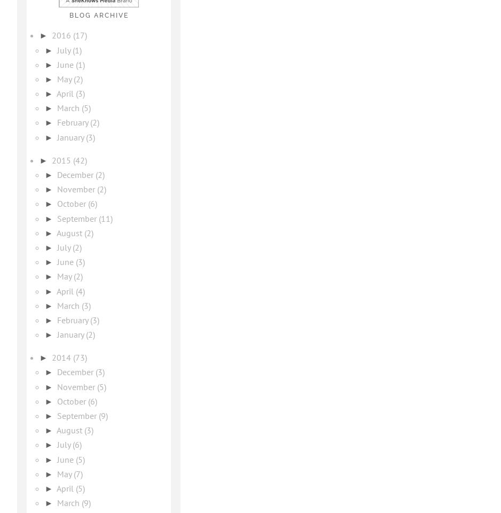 Image resolution: width=501 pixels, height=513 pixels. What do you see at coordinates (51, 35) in the screenshot?
I see `'2016'` at bounding box center [51, 35].